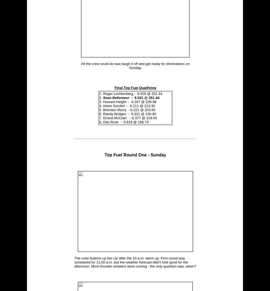  I want to click on '3. Howard Height  -  6.167 @ 236.88', so click(127, 101).